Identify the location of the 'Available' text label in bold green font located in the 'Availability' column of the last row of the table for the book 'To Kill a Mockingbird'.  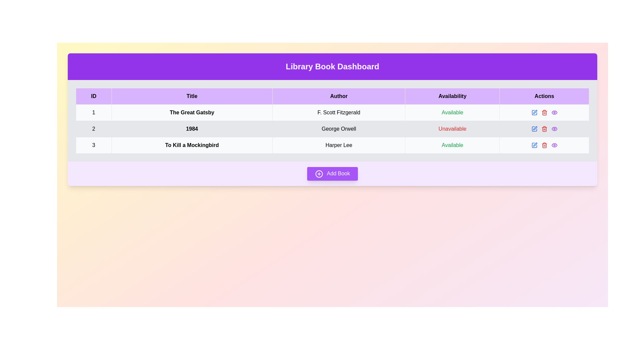
(452, 145).